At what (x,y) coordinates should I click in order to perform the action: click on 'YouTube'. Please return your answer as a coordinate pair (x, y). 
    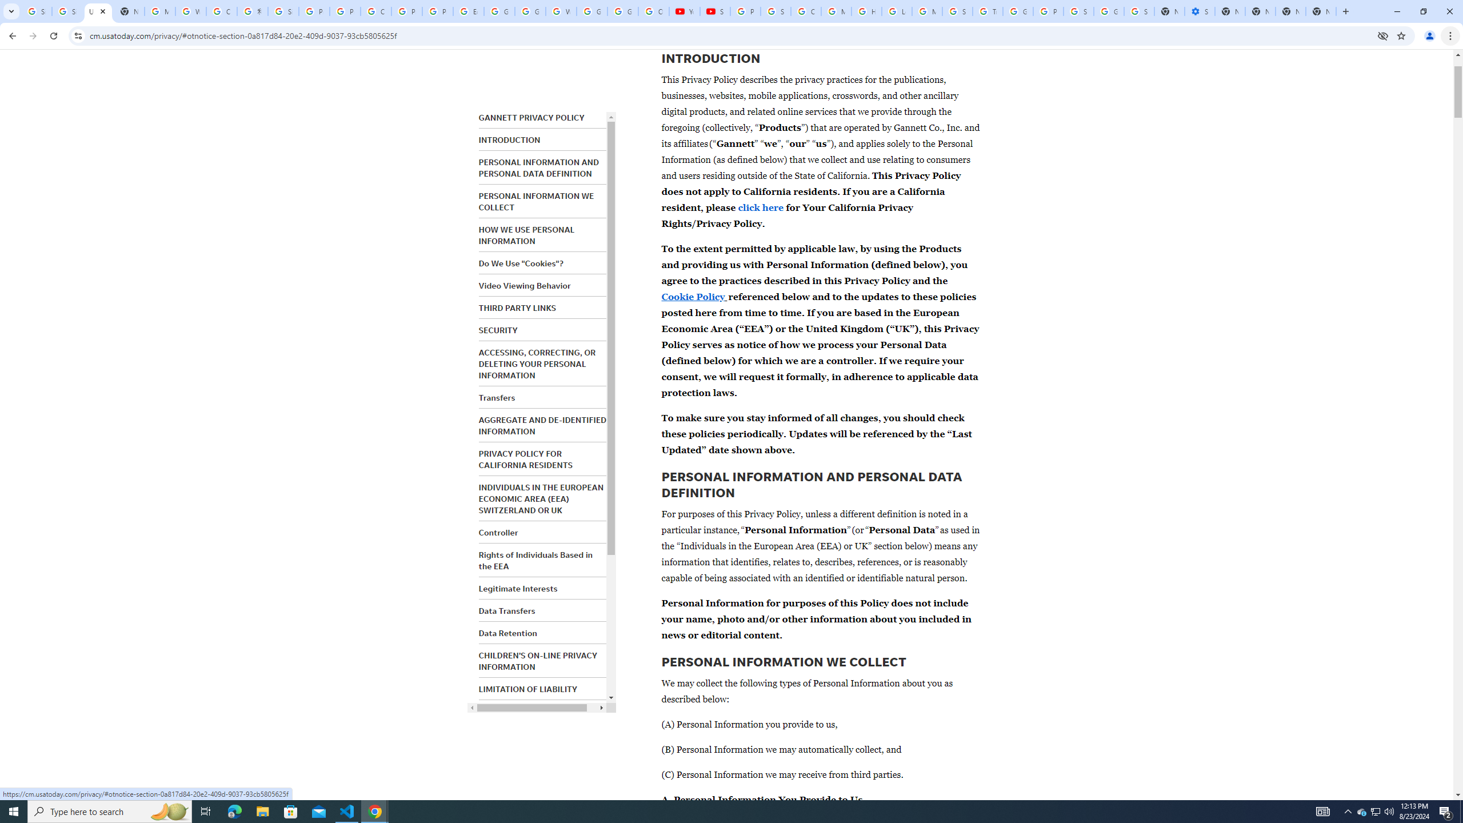
    Looking at the image, I should click on (685, 11).